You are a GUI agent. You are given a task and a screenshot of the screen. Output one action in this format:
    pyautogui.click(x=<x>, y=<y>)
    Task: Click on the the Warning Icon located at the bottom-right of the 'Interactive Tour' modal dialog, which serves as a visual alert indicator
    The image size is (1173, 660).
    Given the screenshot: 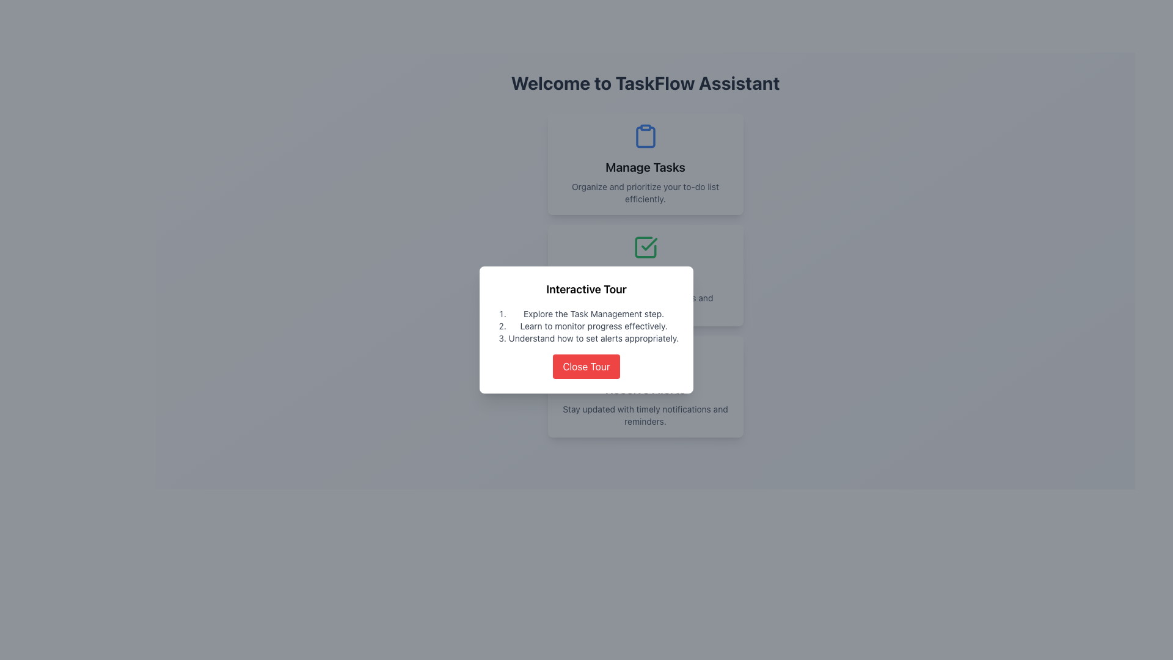 What is the action you would take?
    pyautogui.click(x=645, y=358)
    